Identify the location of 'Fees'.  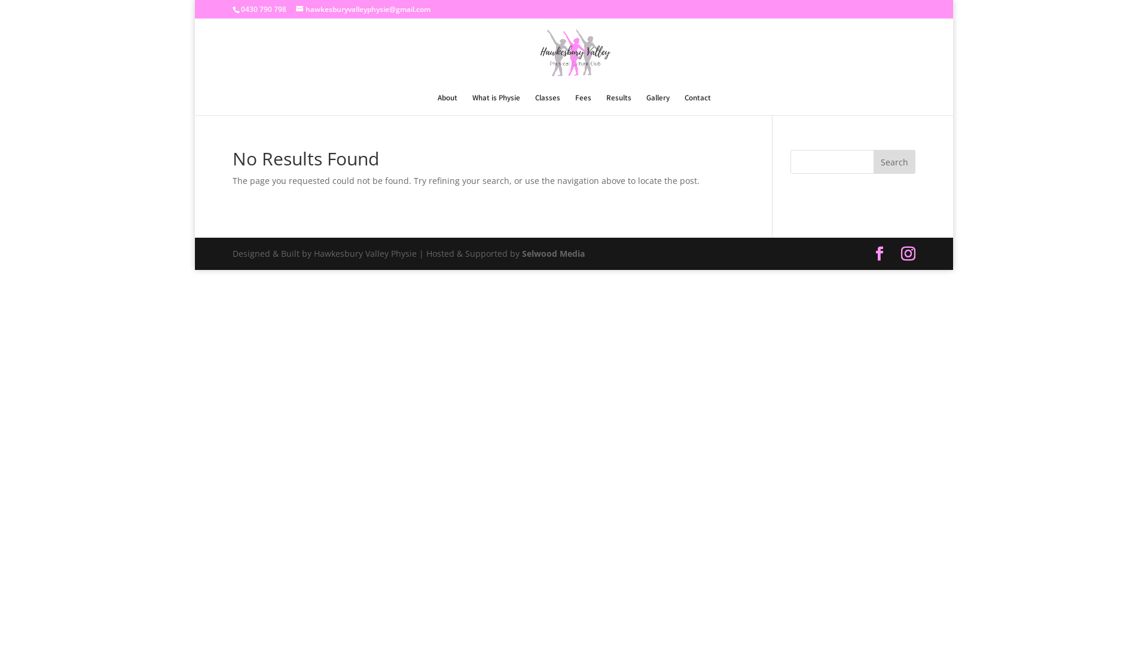
(583, 103).